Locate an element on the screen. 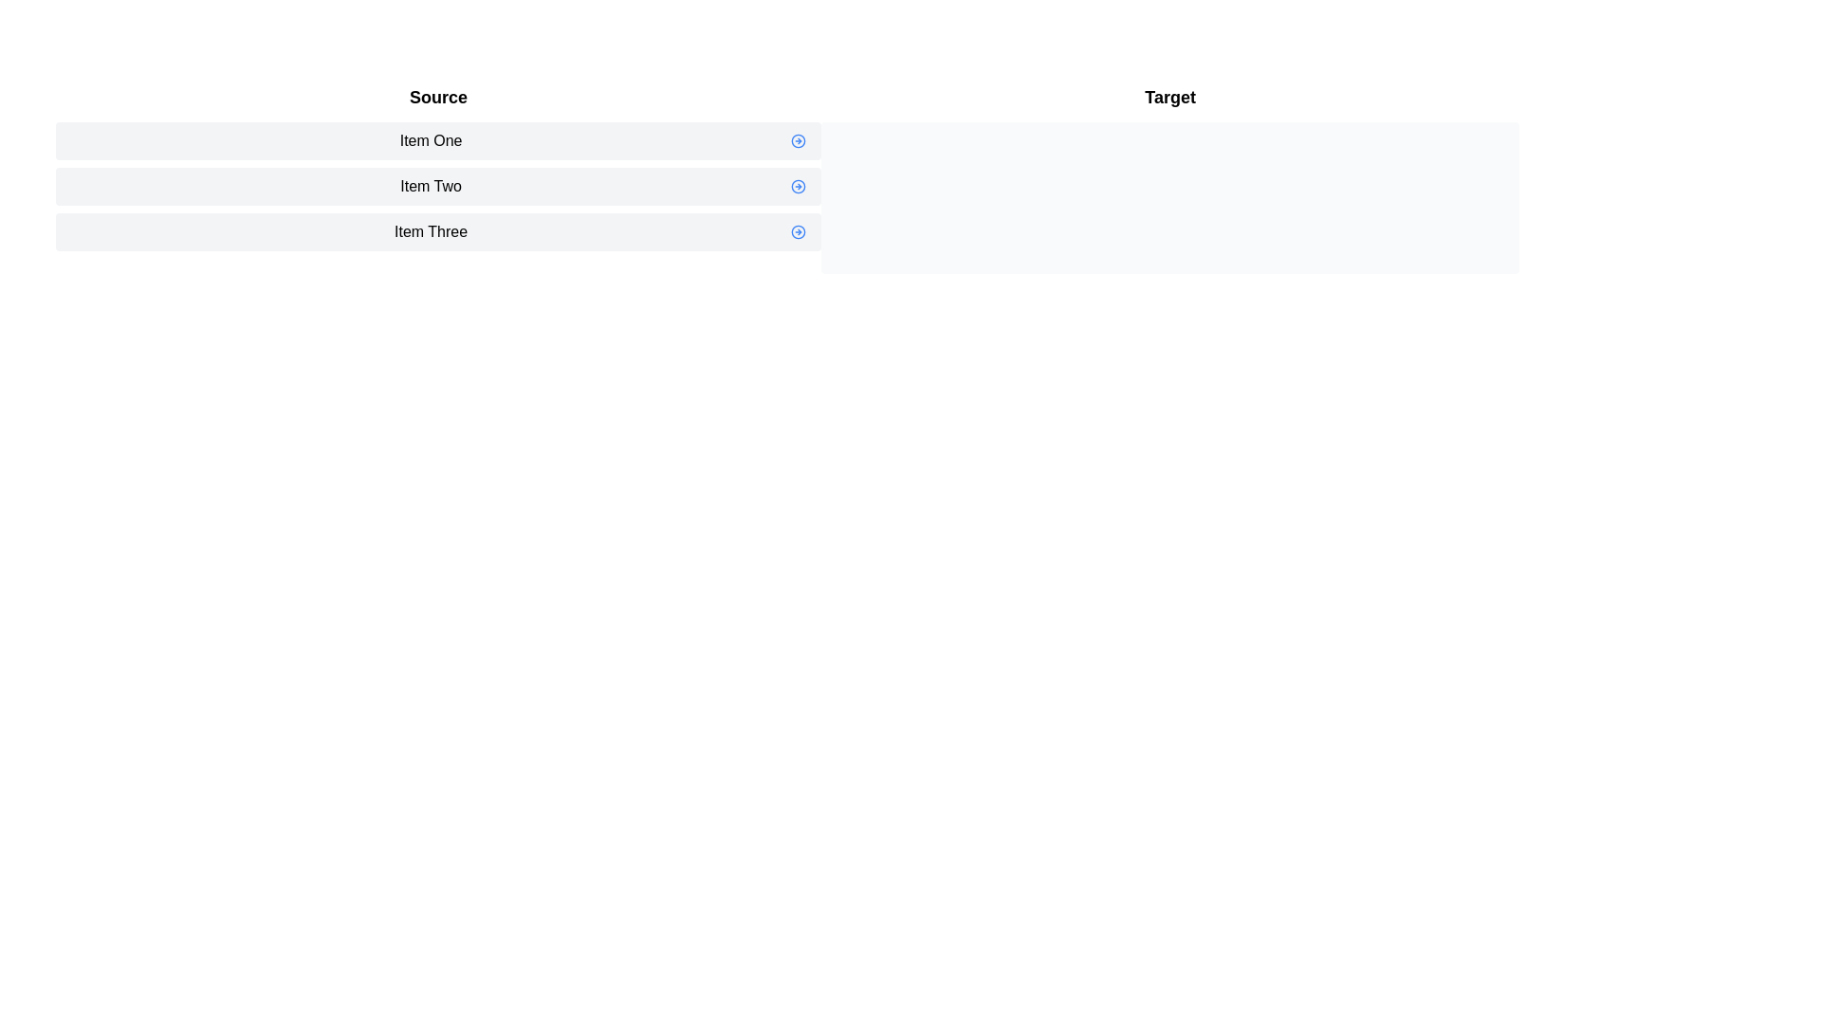 This screenshot has width=1821, height=1024. the second list item labeled 'Item Two' is located at coordinates (437, 186).